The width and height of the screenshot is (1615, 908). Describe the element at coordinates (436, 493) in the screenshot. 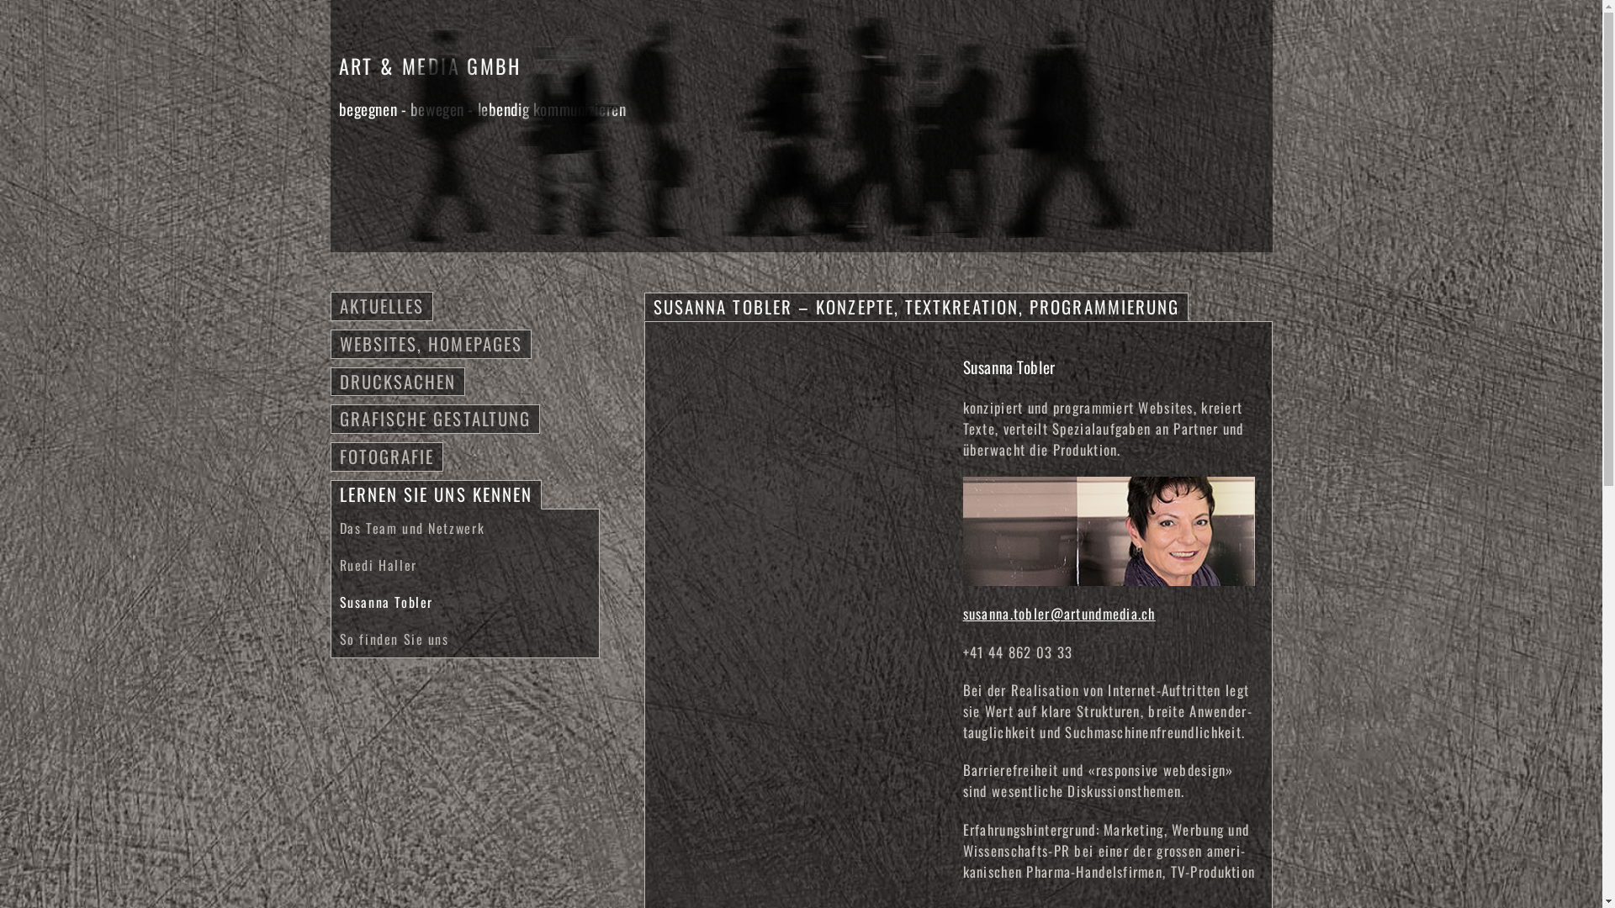

I see `'LERNEN SIE UNS KENNEN'` at that location.